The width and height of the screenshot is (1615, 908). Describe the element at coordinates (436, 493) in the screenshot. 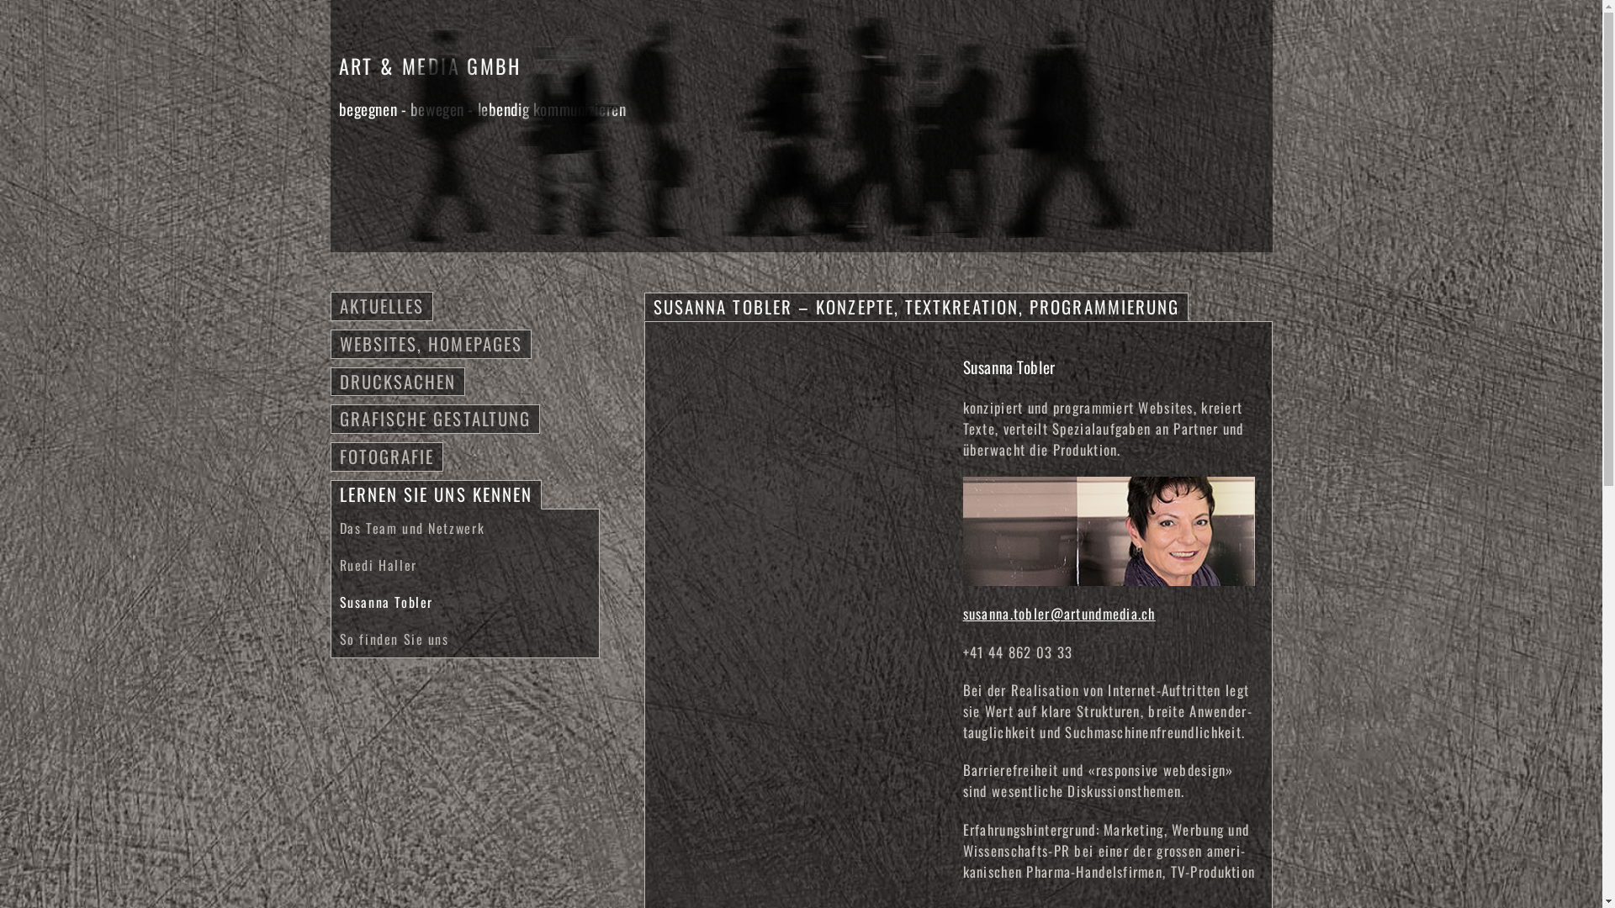

I see `'LERNEN SIE UNS KENNEN'` at that location.